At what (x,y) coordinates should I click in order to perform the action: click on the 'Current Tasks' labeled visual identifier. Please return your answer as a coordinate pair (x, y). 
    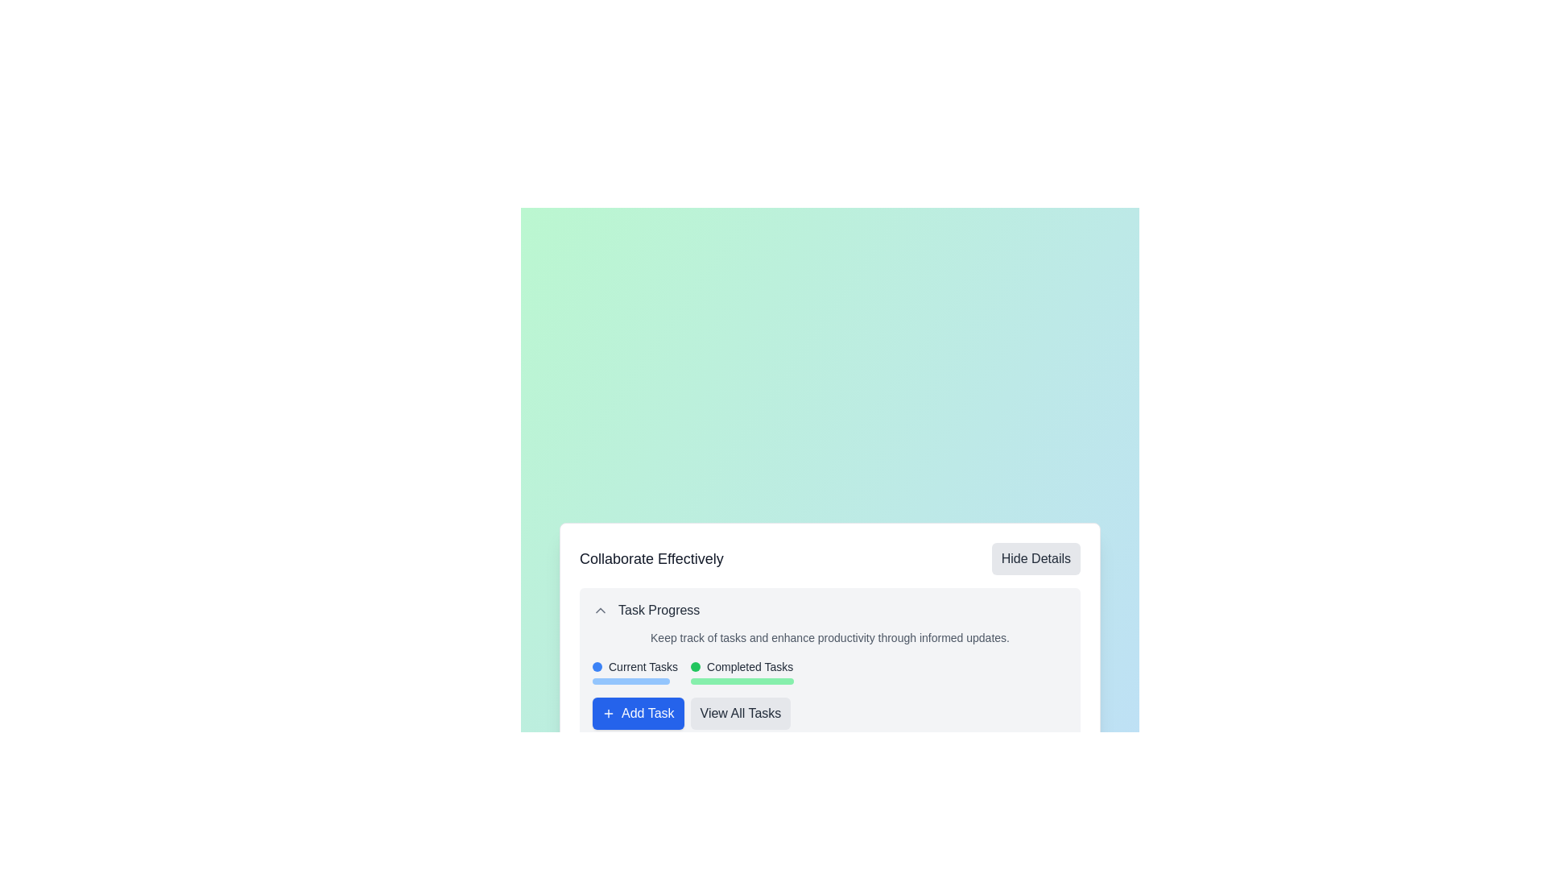
    Looking at the image, I should click on (635, 671).